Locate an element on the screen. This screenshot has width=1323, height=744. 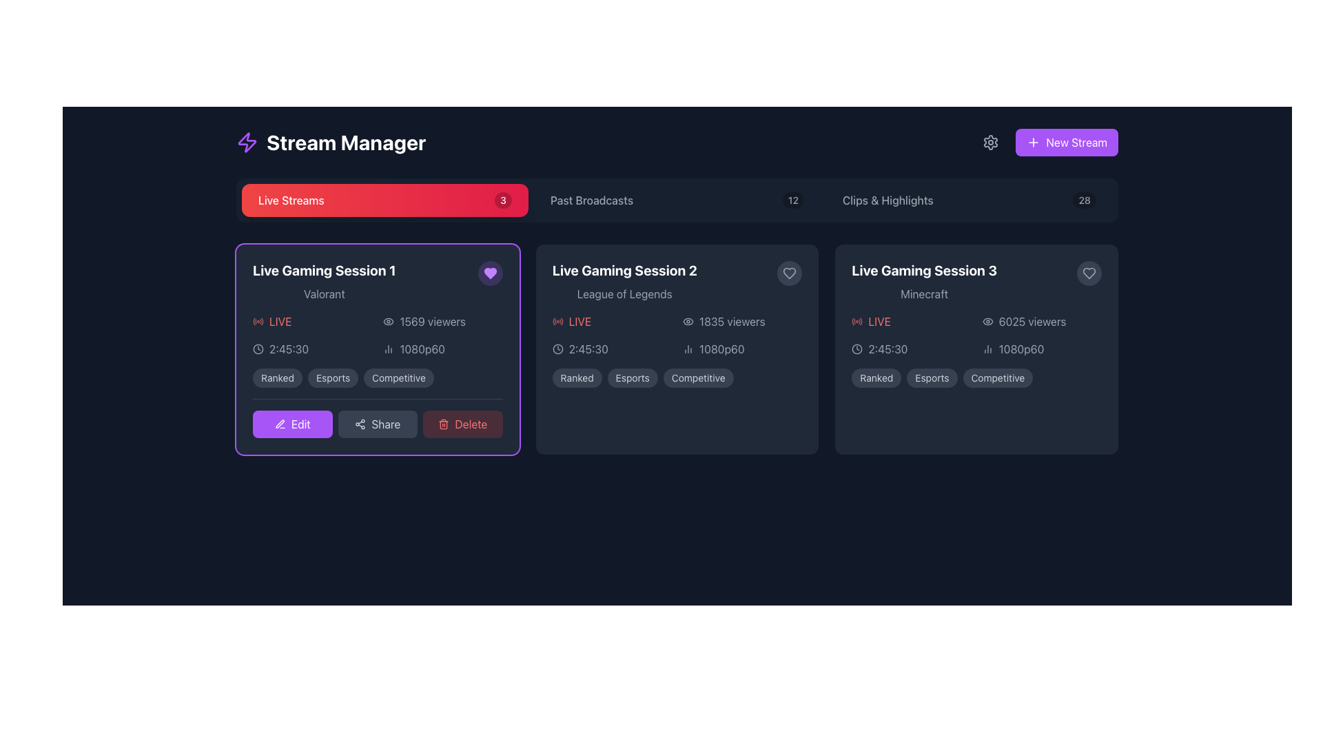
the clock icon representing time, located to the left of the time text '2:45:30' within the first session card labeled 'Live Gaming Session 1' is located at coordinates (258, 348).